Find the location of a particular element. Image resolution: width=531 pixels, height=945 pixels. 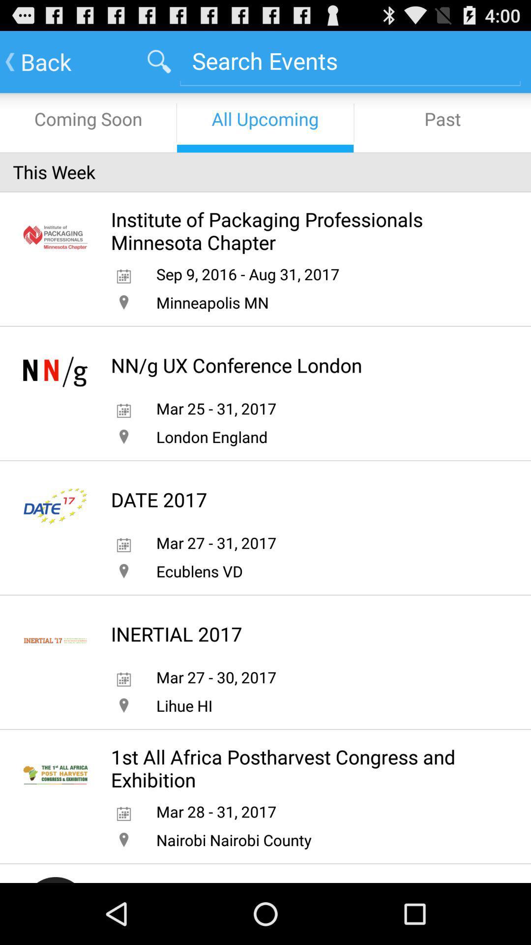

search bar is located at coordinates (350, 60).